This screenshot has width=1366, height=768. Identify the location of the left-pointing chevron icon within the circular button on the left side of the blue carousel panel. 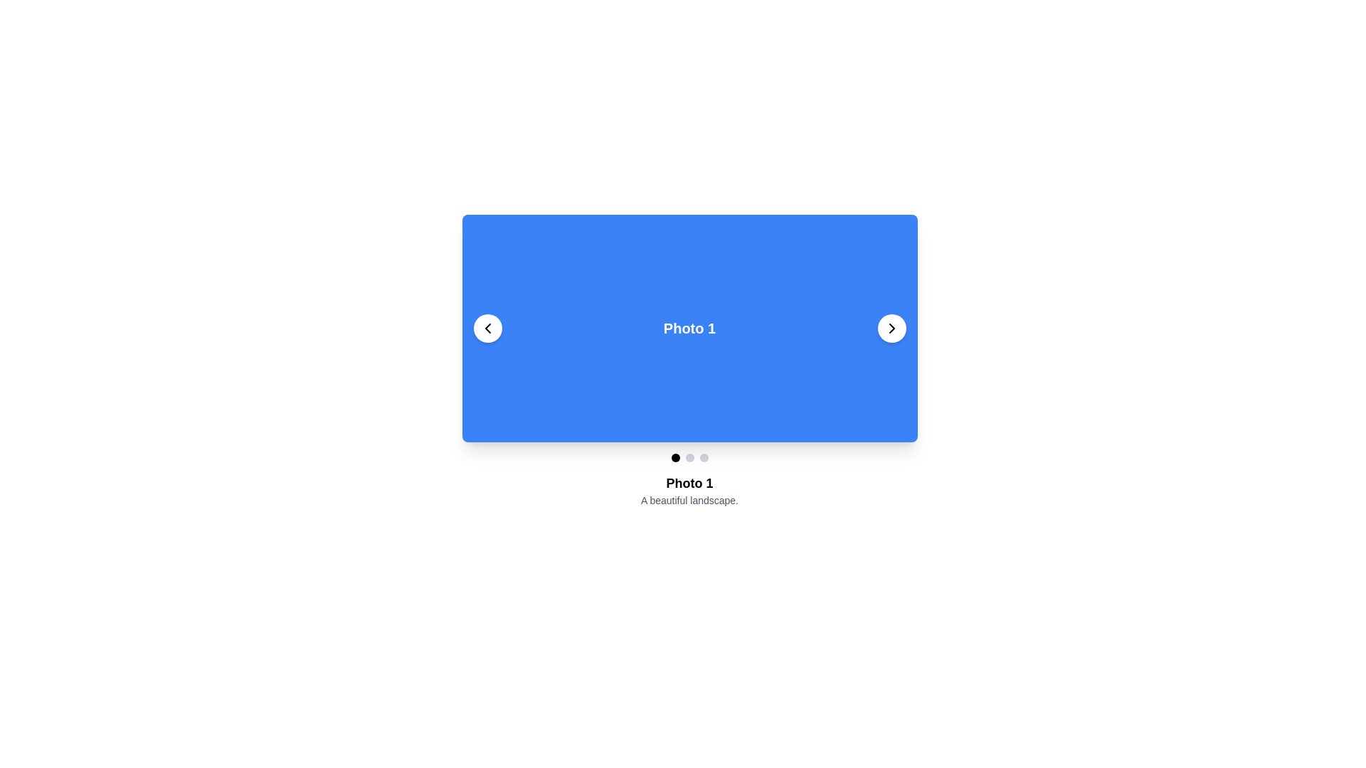
(487, 329).